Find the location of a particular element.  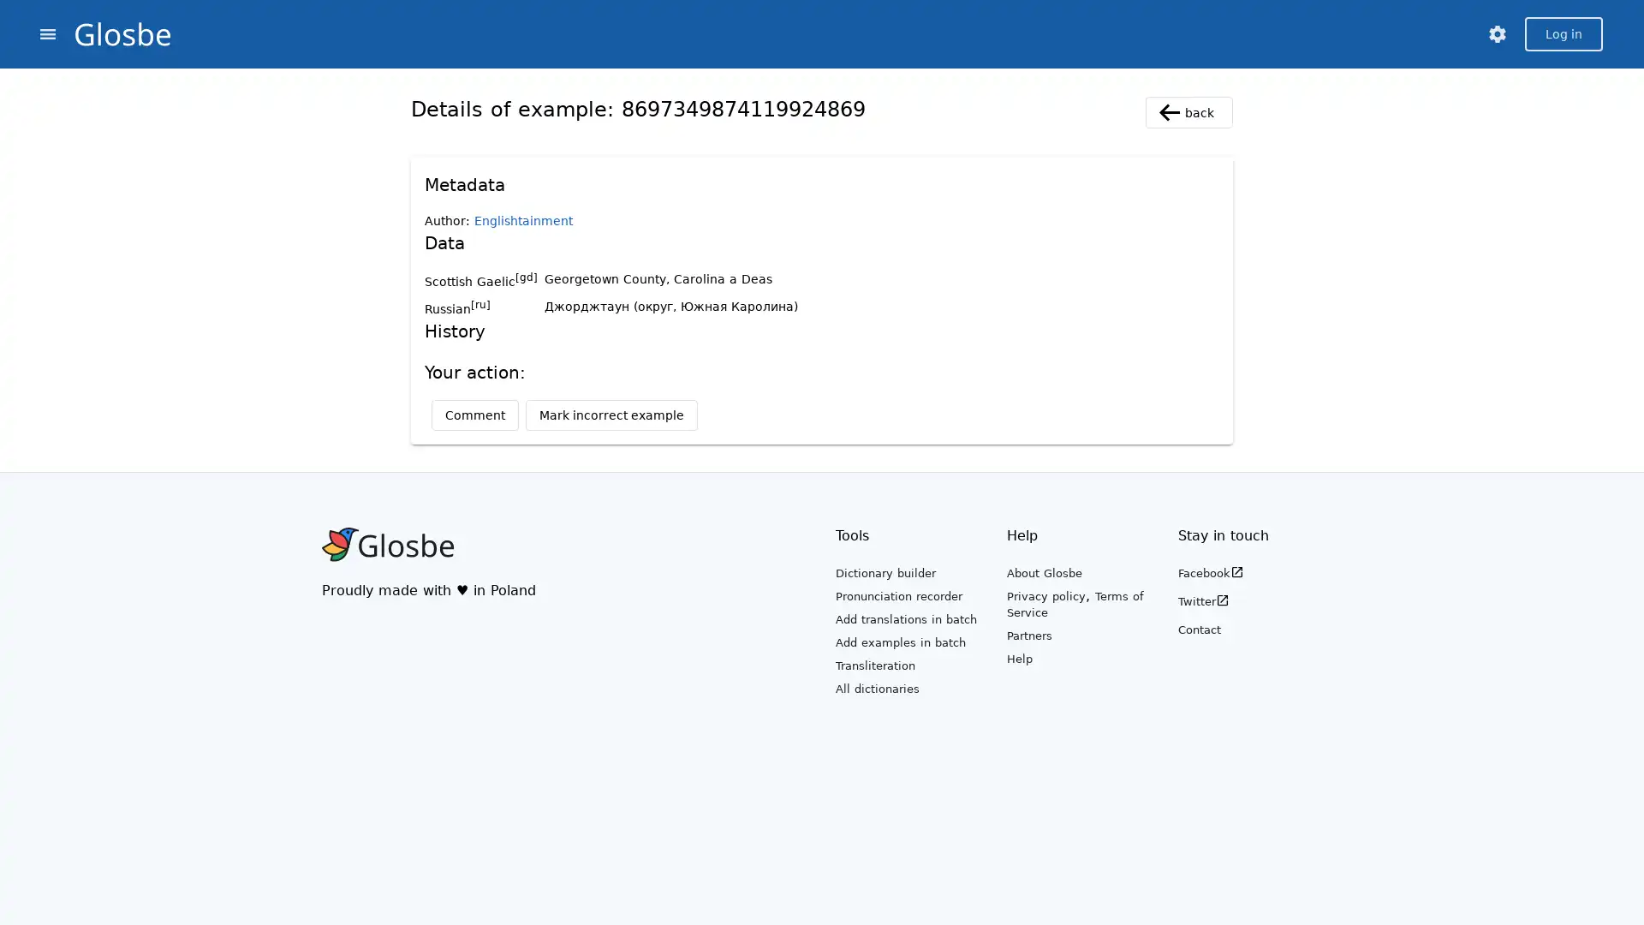

Log in is located at coordinates (1564, 33).